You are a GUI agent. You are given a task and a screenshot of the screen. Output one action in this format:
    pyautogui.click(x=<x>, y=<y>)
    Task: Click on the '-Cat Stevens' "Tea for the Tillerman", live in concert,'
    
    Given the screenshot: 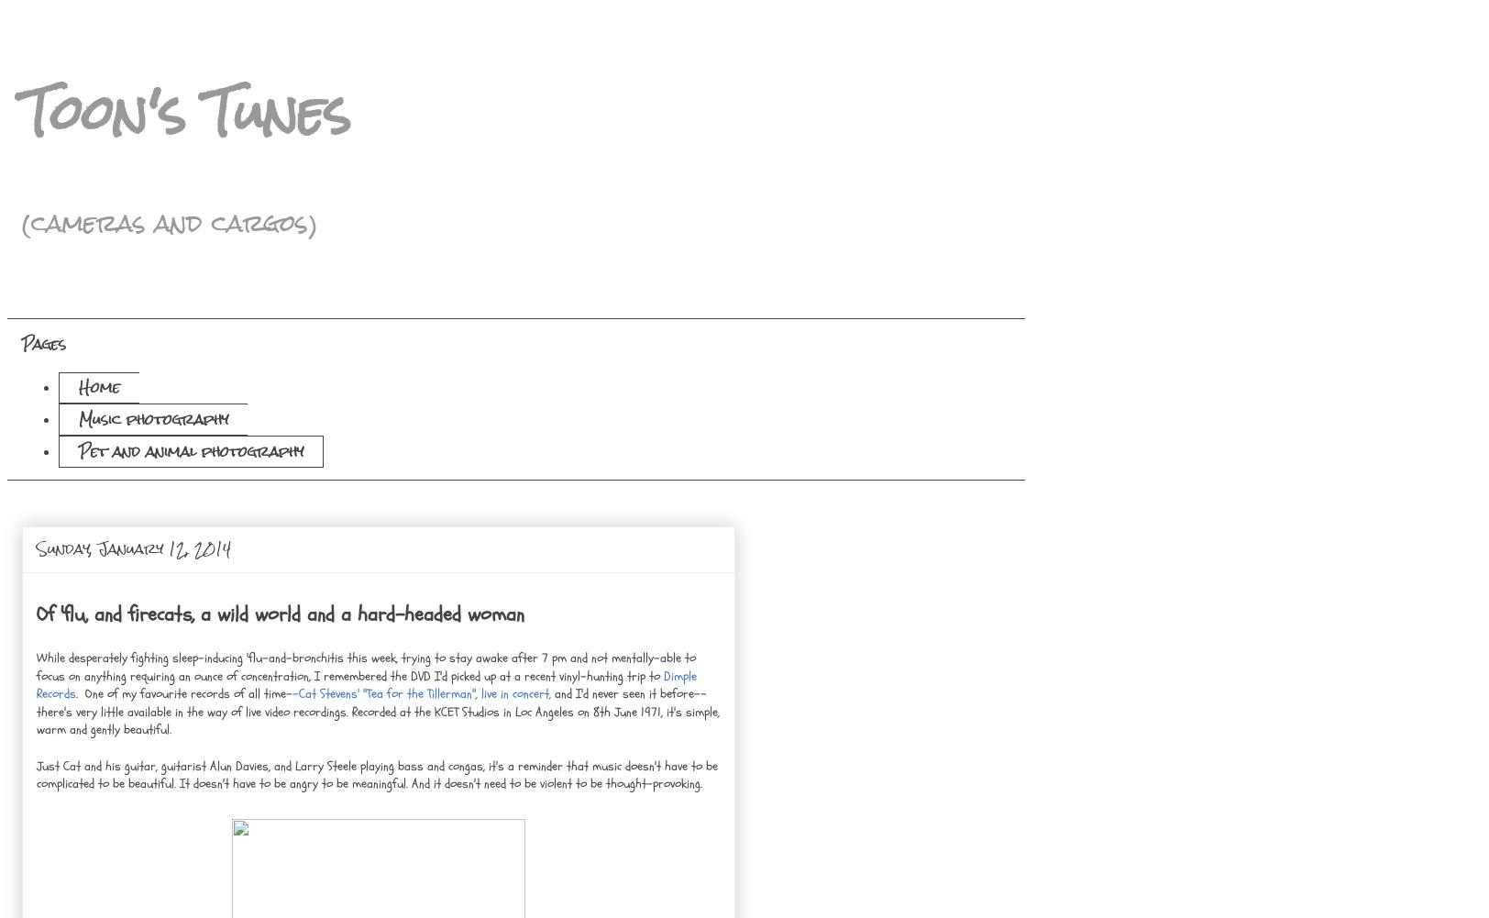 What is the action you would take?
    pyautogui.click(x=424, y=693)
    